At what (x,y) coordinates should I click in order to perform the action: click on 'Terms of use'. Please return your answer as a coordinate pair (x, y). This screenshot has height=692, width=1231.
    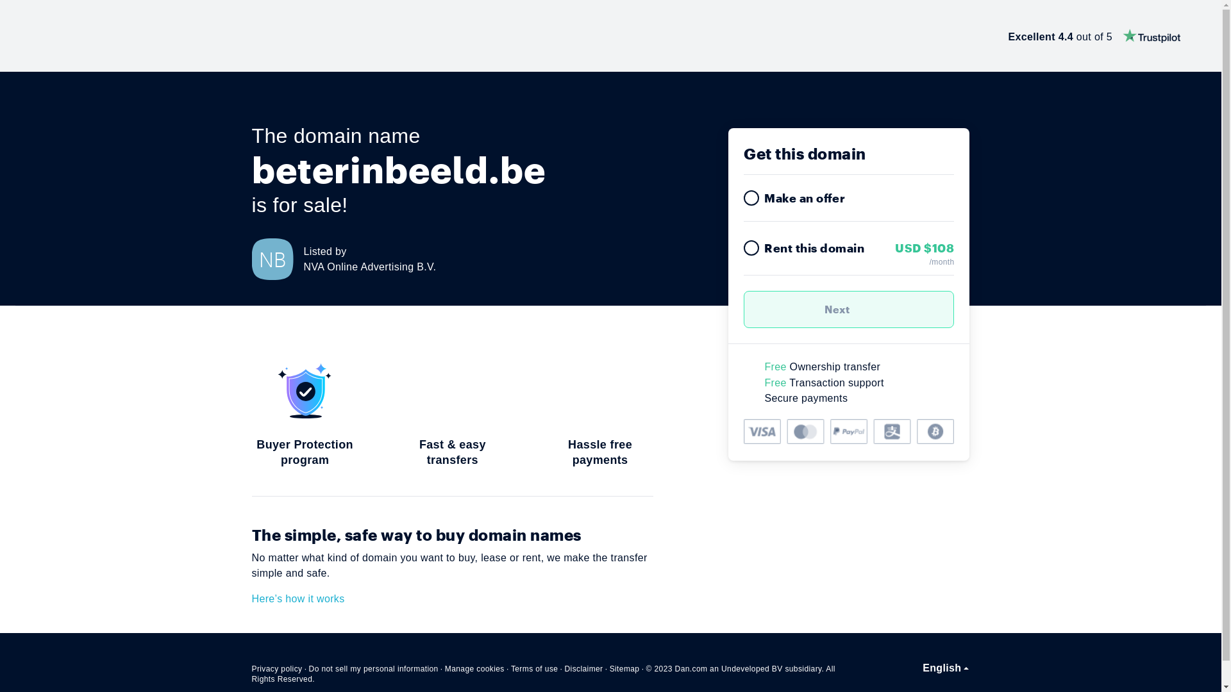
    Looking at the image, I should click on (535, 668).